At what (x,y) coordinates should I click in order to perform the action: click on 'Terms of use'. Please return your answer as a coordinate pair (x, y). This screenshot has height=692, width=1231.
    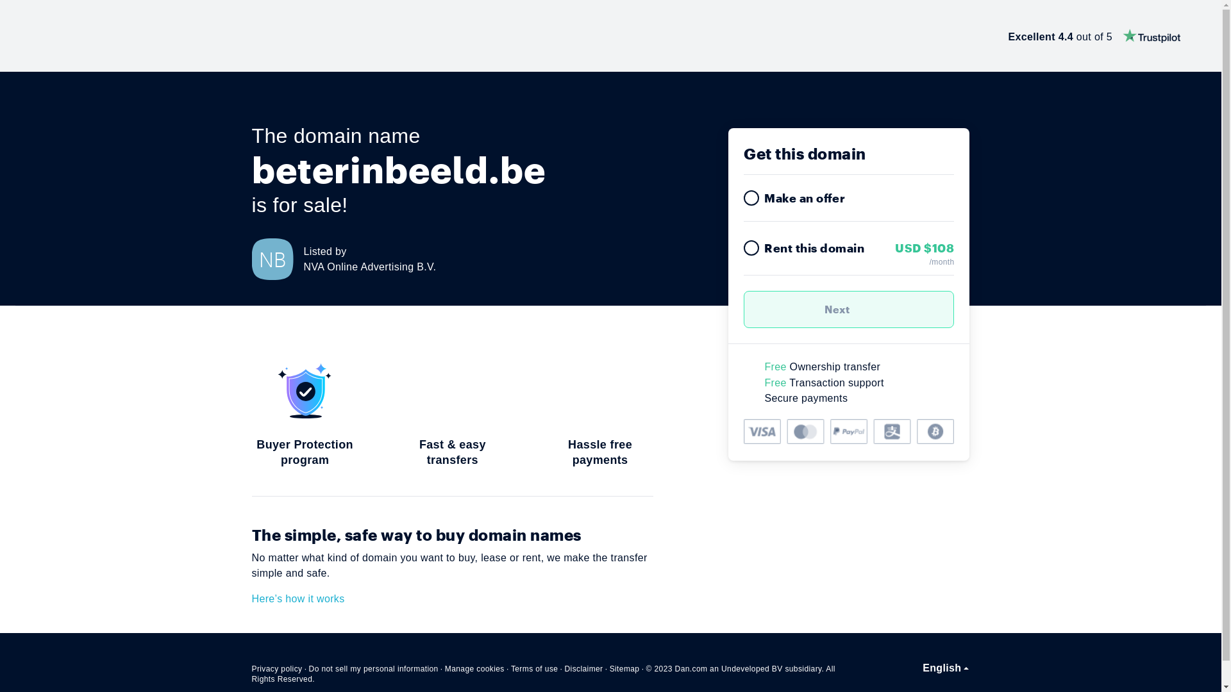
    Looking at the image, I should click on (535, 668).